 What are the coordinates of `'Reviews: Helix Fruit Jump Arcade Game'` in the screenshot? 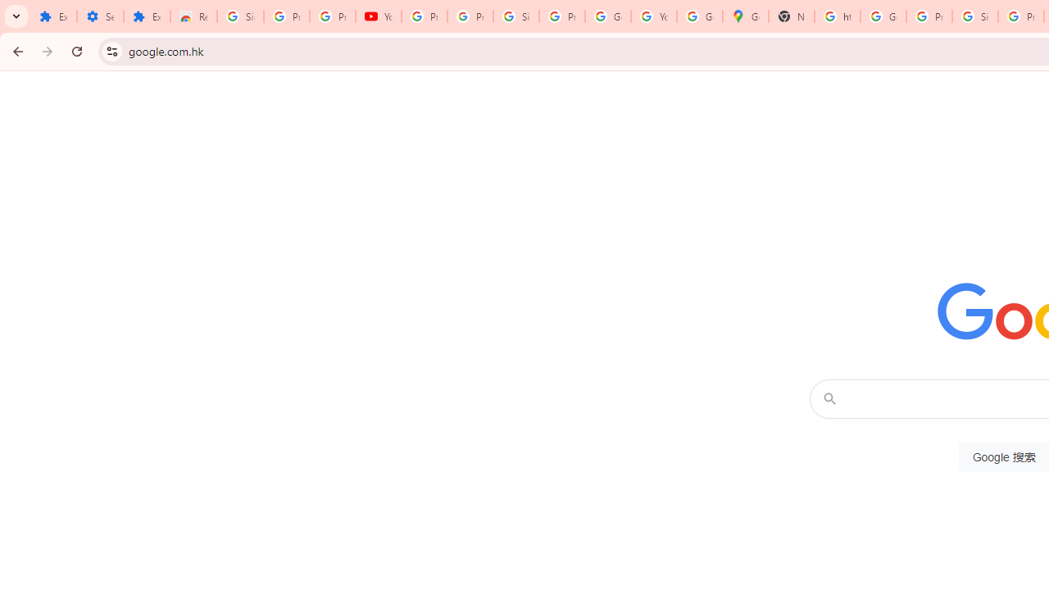 It's located at (193, 16).